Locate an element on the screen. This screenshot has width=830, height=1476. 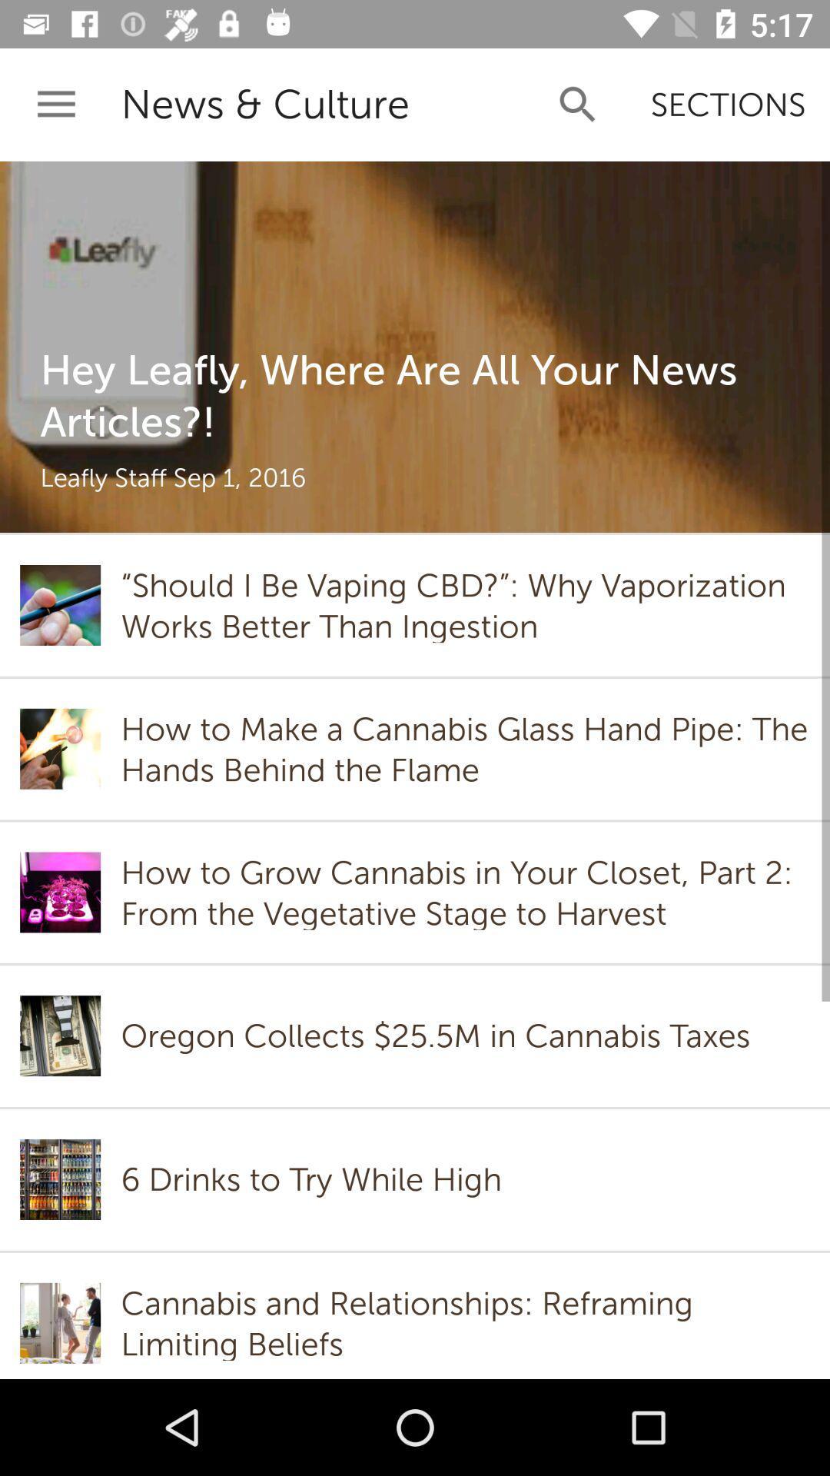
should i be icon is located at coordinates (464, 604).